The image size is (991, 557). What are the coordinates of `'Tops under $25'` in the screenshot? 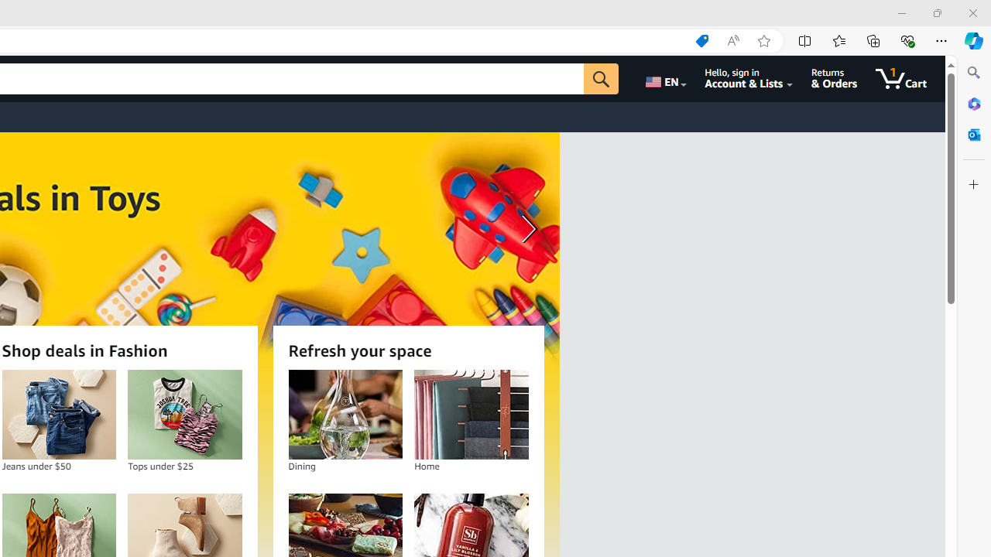 It's located at (185, 414).